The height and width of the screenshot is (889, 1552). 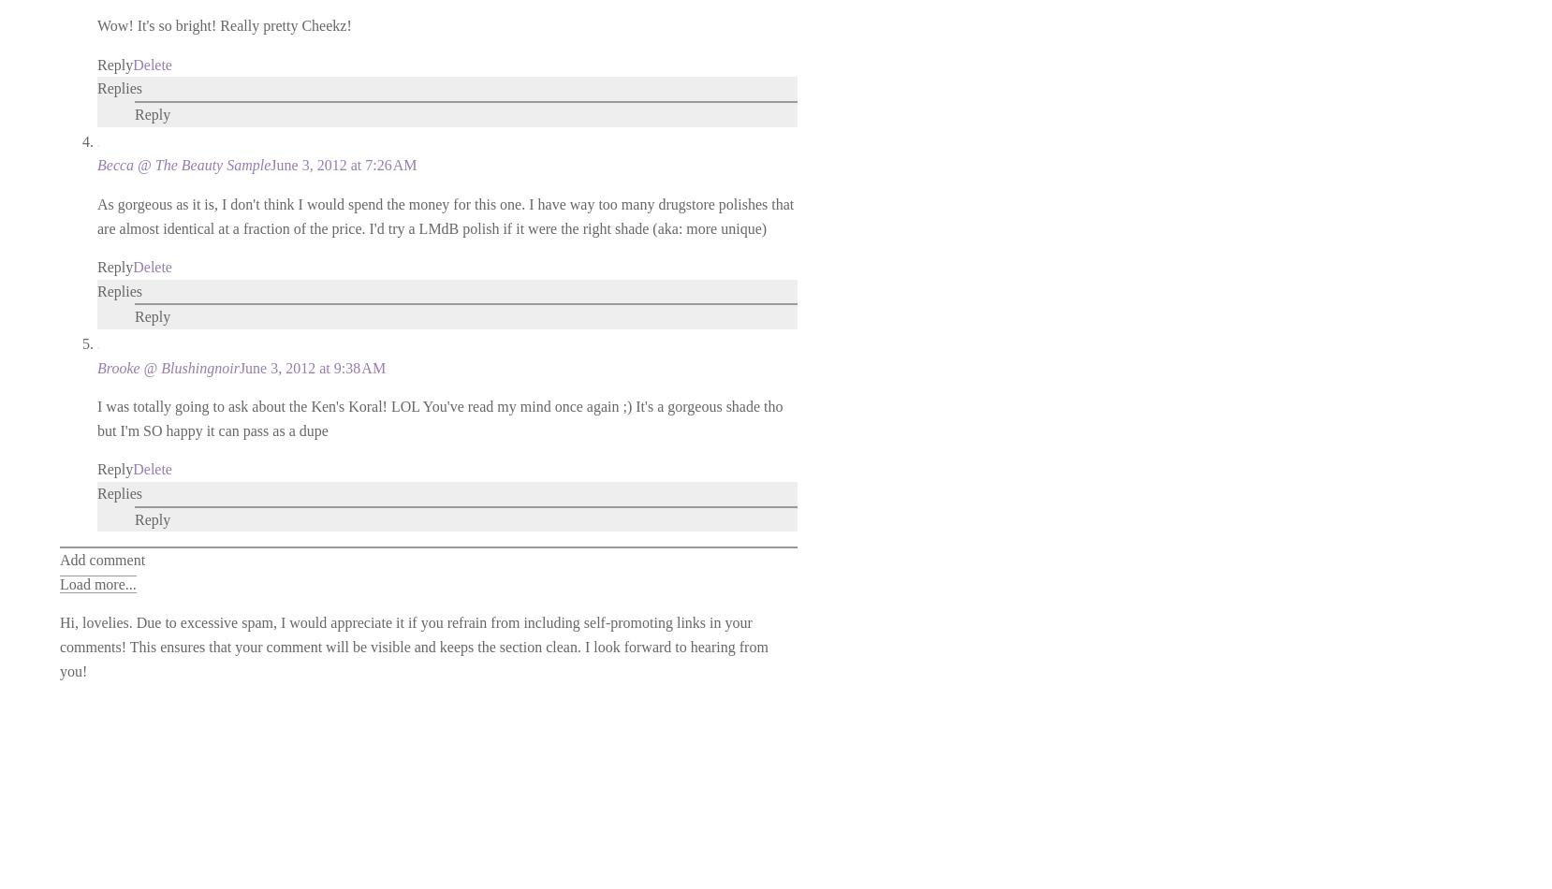 I want to click on 'Wow! It's so bright! Really pretty Cheekz!', so click(x=224, y=25).